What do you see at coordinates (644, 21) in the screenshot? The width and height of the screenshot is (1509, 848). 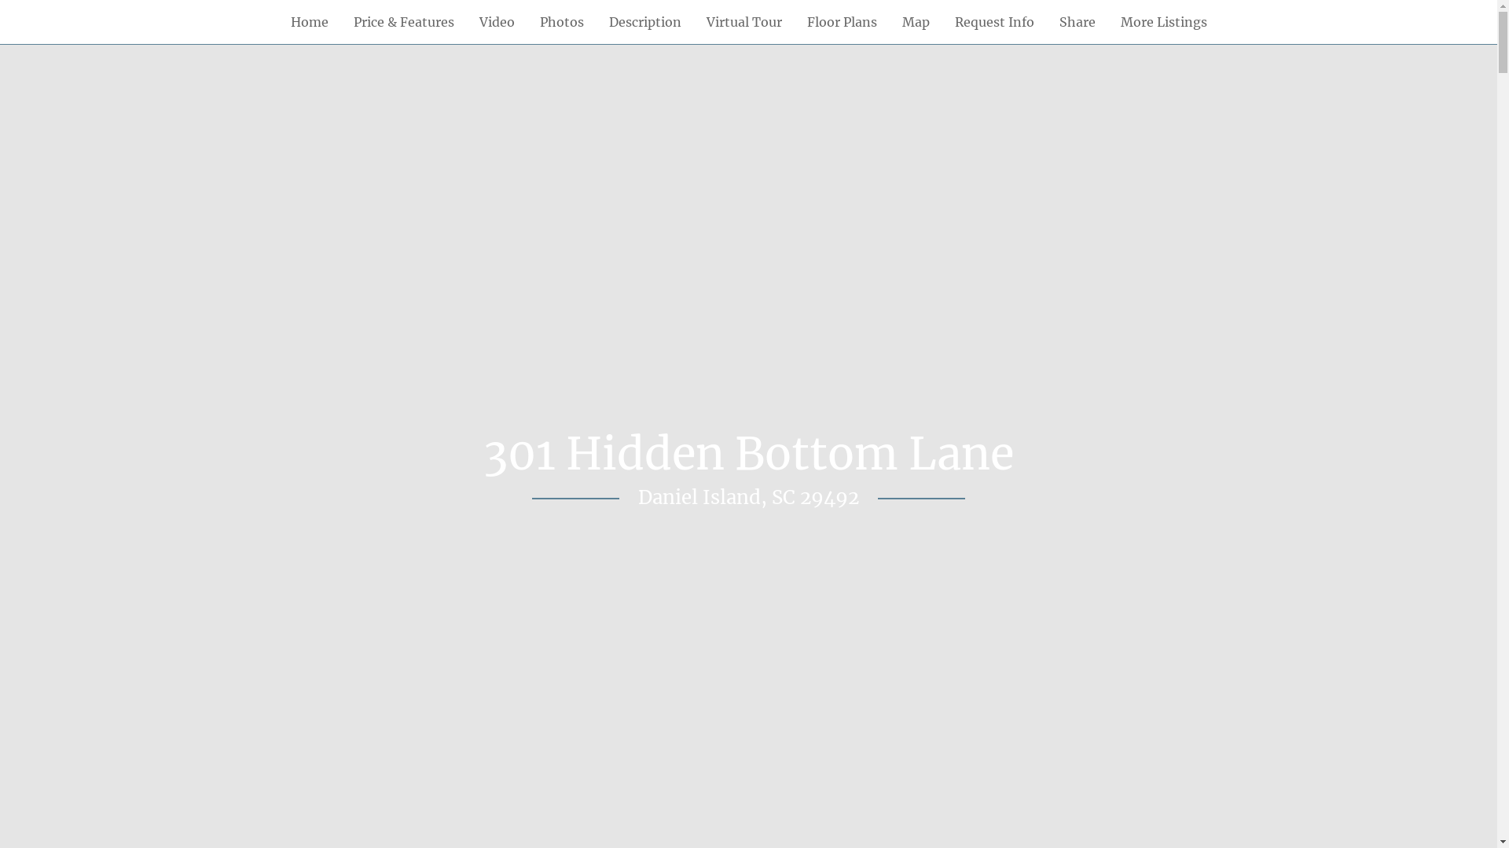 I see `'Description'` at bounding box center [644, 21].